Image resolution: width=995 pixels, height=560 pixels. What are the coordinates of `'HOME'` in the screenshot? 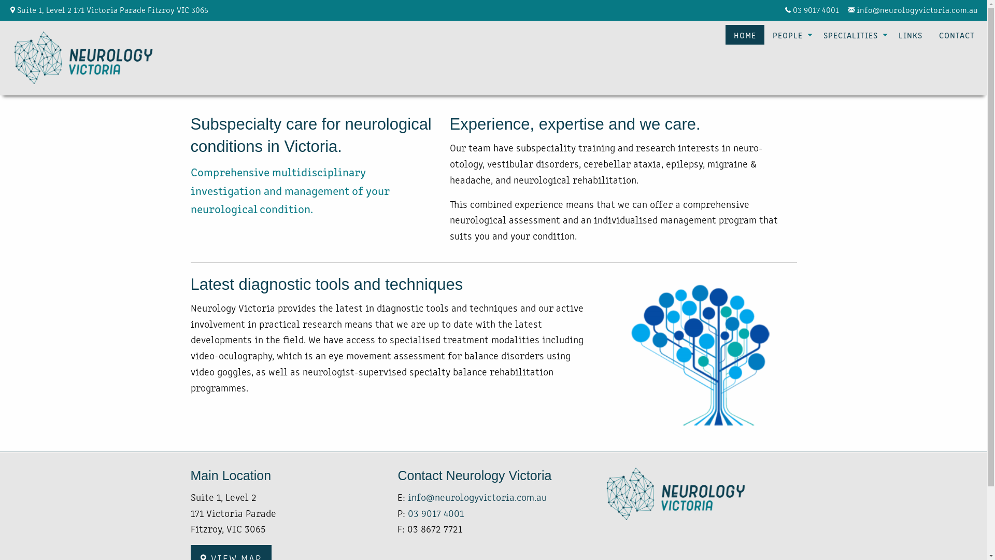 It's located at (744, 34).